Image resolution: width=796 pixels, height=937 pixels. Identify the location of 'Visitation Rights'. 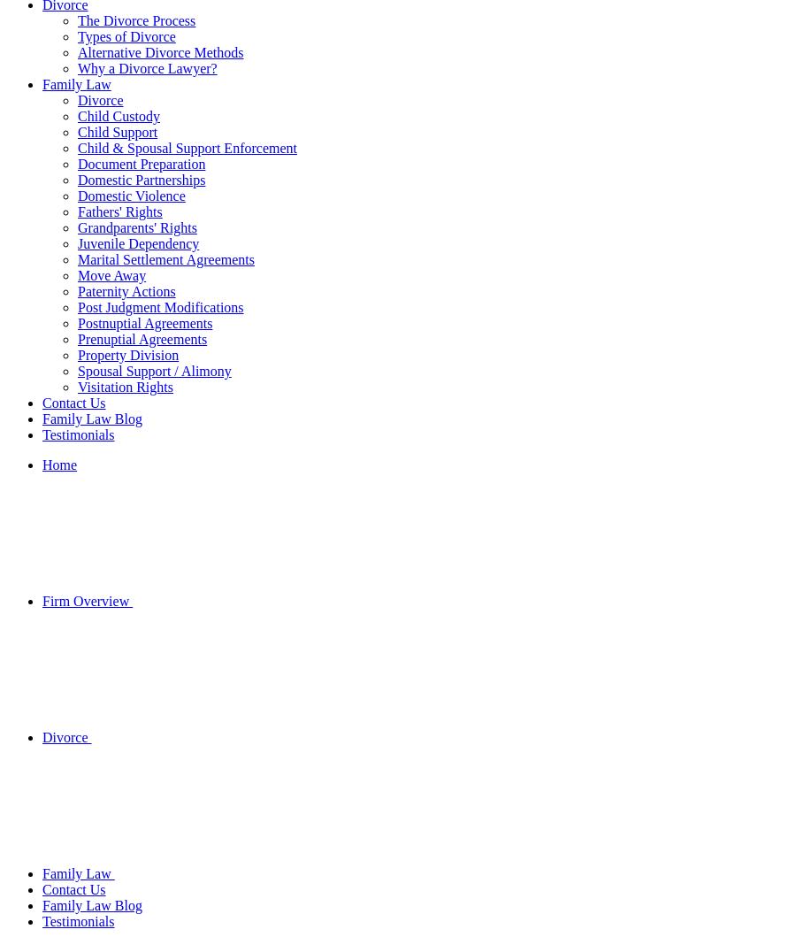
(125, 387).